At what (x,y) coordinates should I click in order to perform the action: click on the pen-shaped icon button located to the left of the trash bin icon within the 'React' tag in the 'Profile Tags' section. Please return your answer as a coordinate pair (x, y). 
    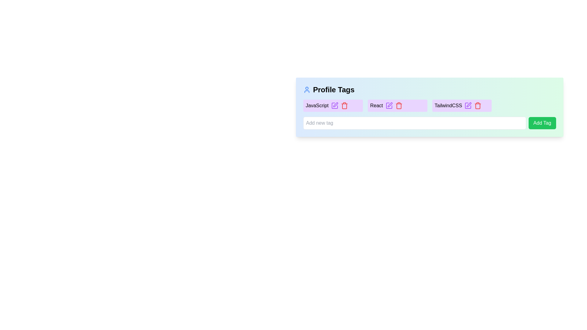
    Looking at the image, I should click on (389, 105).